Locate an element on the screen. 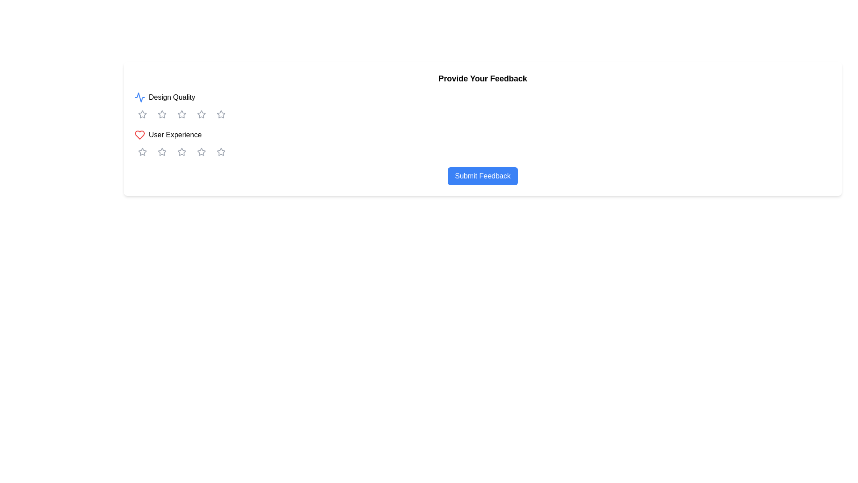 The height and width of the screenshot is (483, 858). the first star icon in the 'User Experience' category is located at coordinates (142, 114).